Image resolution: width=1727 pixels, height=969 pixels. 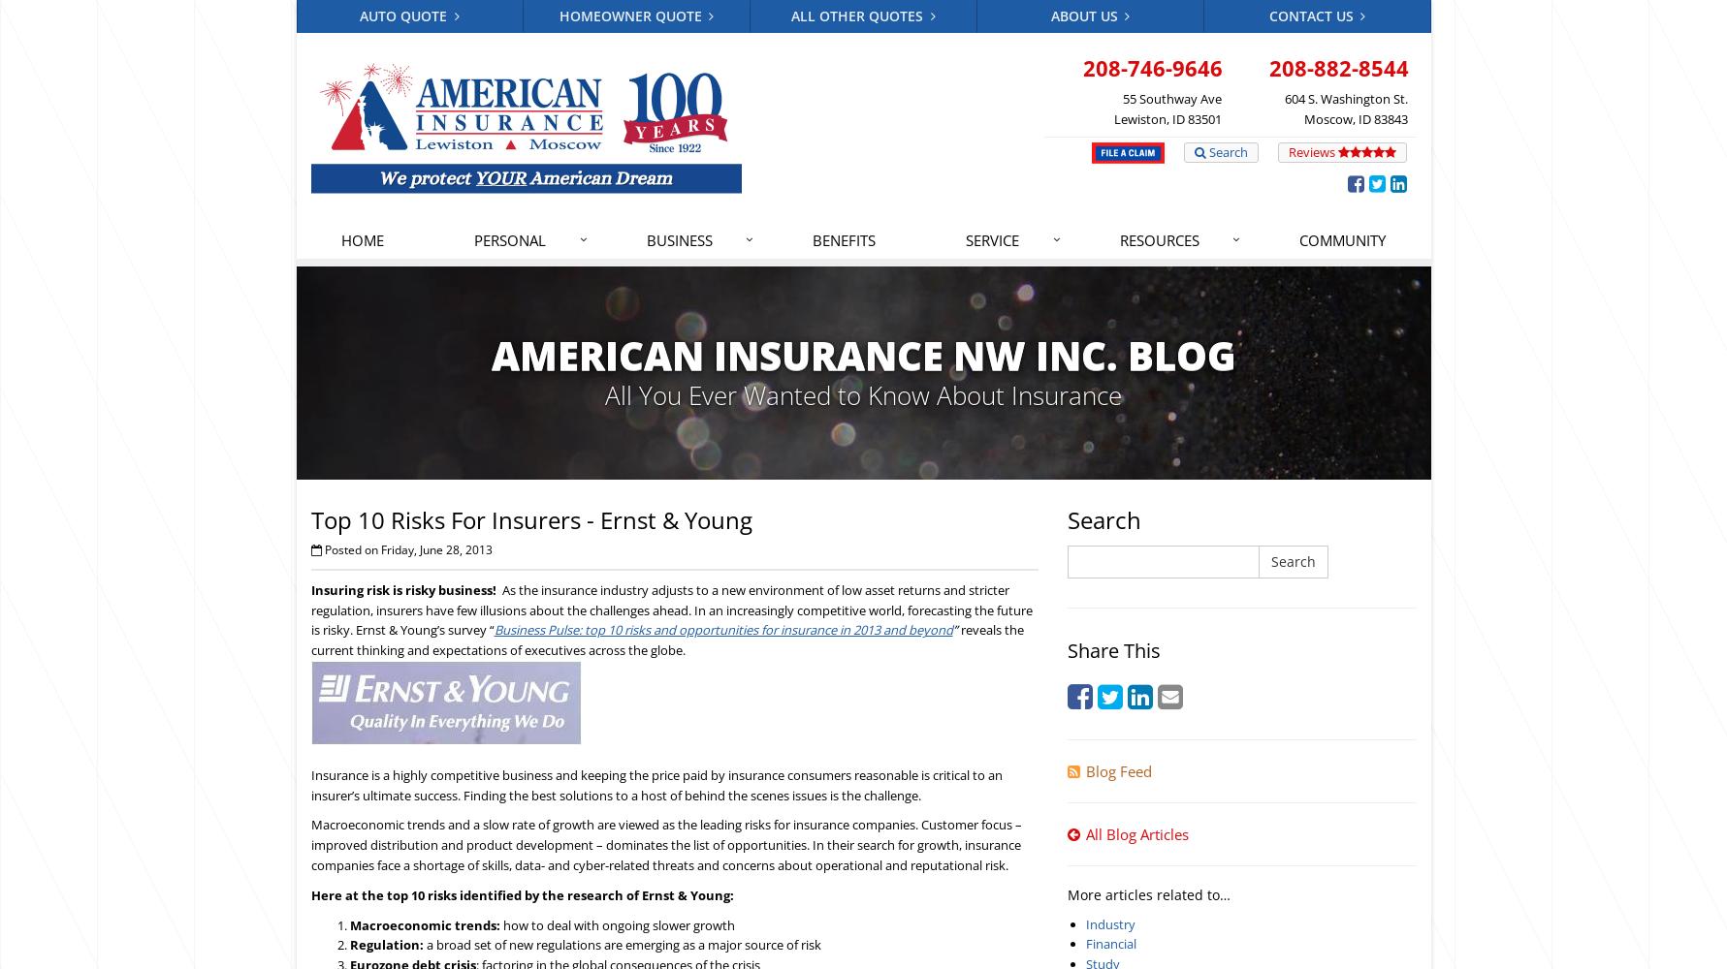 I want to click on 'Personal', so click(x=509, y=238).